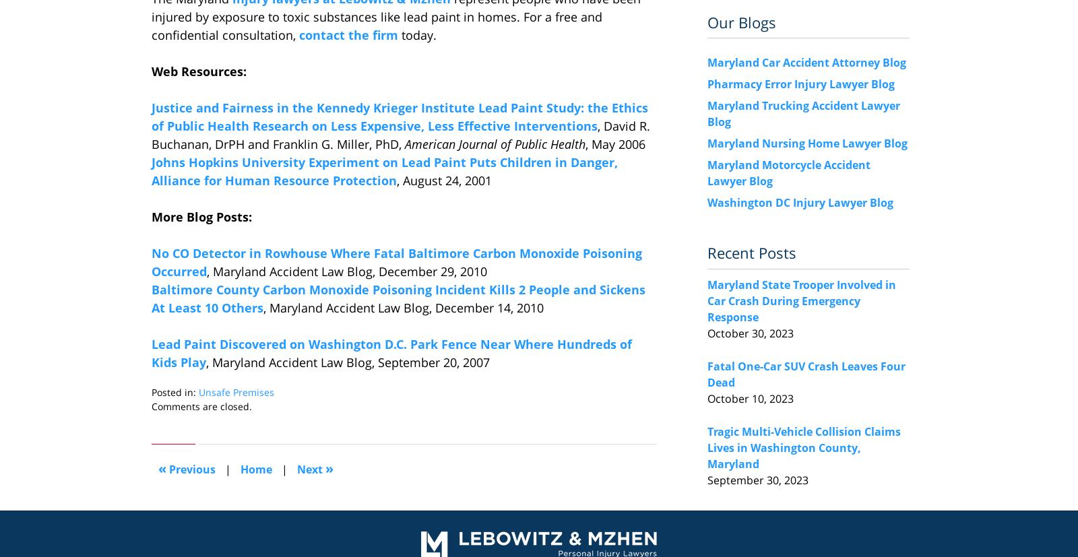 The height and width of the screenshot is (557, 1078). I want to click on 'Fatal One-Car SUV Crash Leaves Four Dead', so click(707, 372).